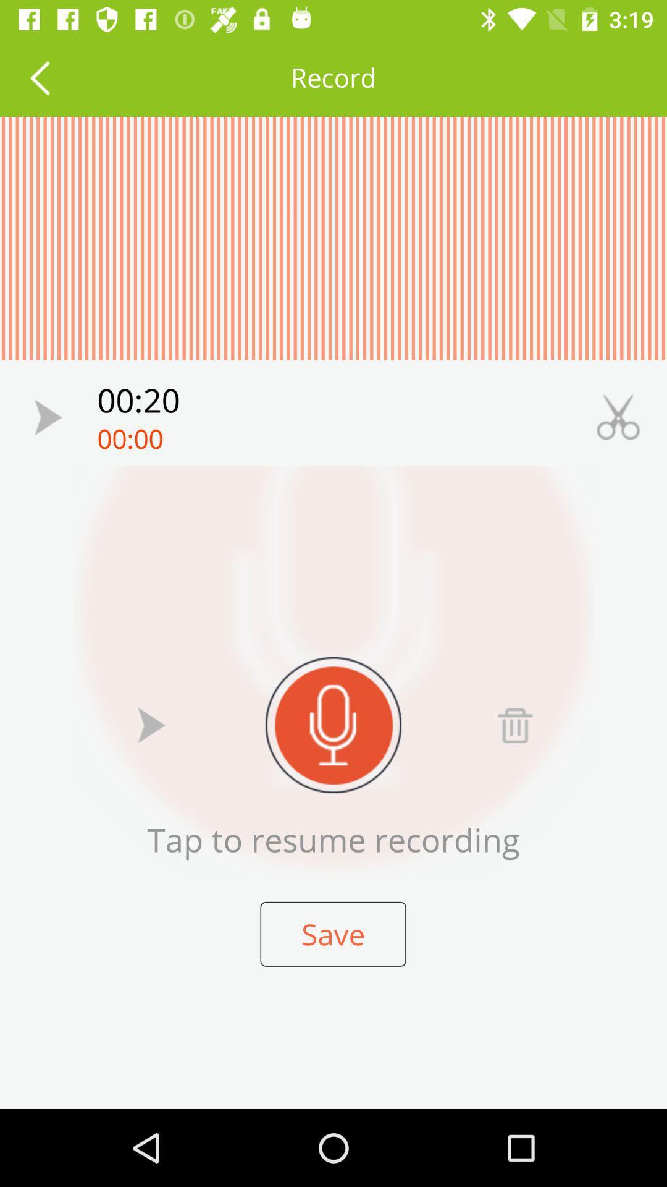 This screenshot has width=667, height=1187. Describe the element at coordinates (618, 417) in the screenshot. I see `cut a section` at that location.